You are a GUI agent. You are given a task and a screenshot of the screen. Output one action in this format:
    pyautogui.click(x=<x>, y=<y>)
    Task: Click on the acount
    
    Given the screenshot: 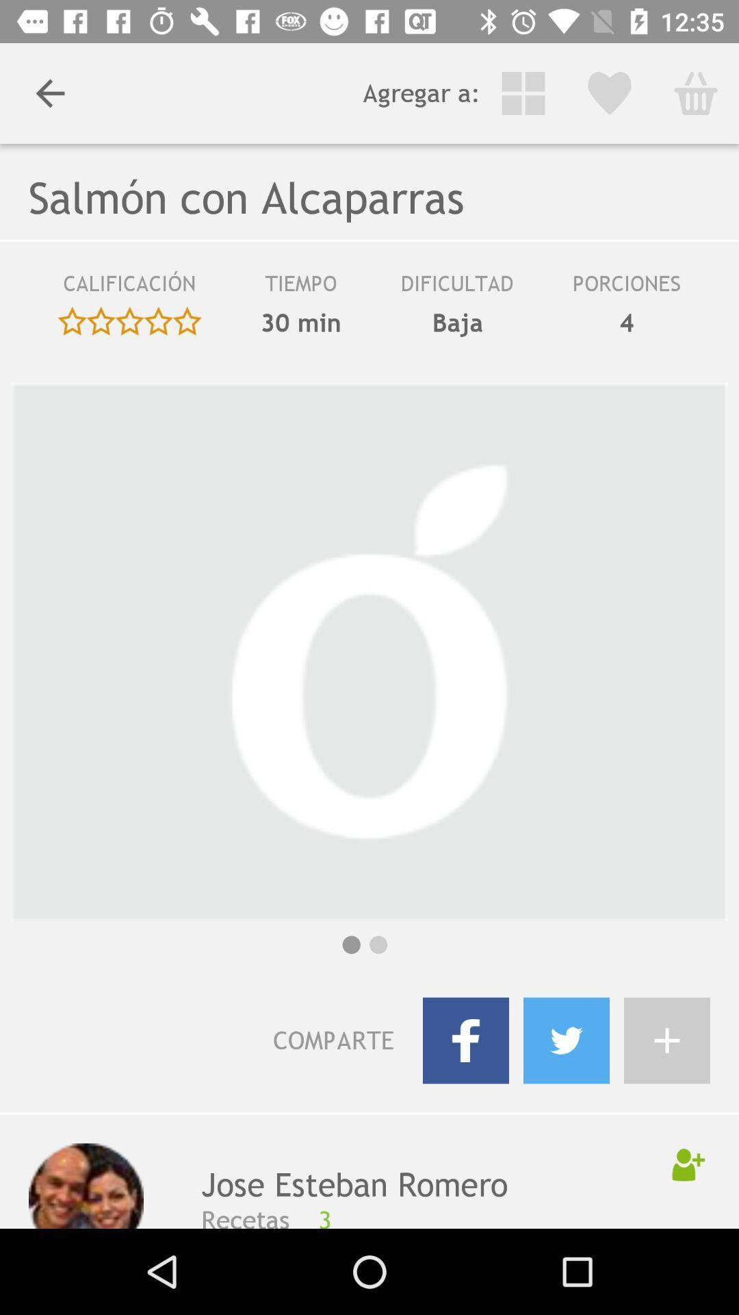 What is the action you would take?
    pyautogui.click(x=666, y=1040)
    